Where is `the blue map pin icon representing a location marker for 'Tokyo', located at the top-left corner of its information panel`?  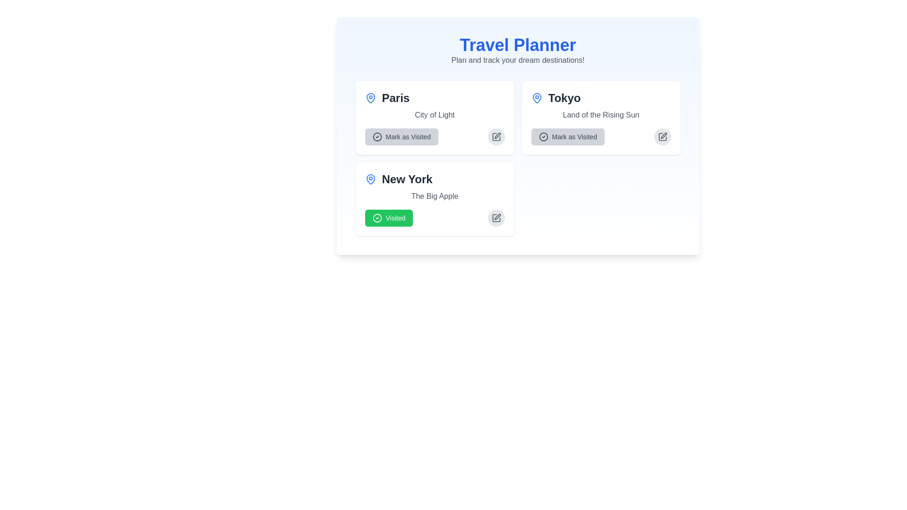
the blue map pin icon representing a location marker for 'Tokyo', located at the top-left corner of its information panel is located at coordinates (537, 98).